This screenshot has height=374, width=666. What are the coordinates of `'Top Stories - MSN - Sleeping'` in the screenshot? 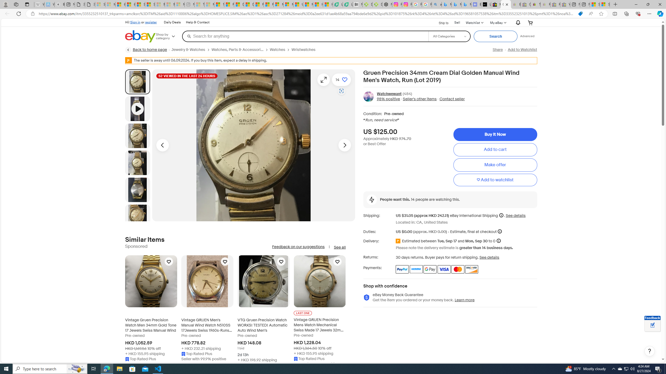 It's located at (199, 4).